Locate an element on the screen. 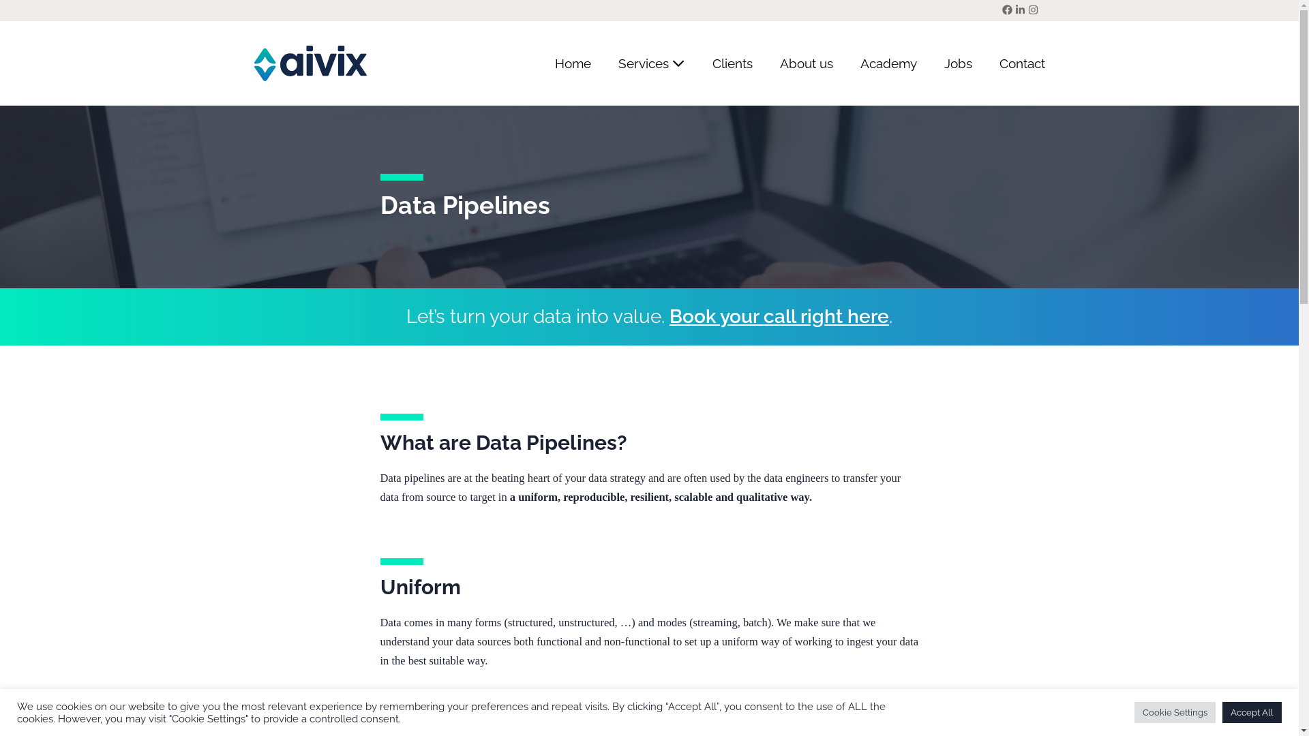 The height and width of the screenshot is (736, 1309). 'Contact' is located at coordinates (1015, 63).